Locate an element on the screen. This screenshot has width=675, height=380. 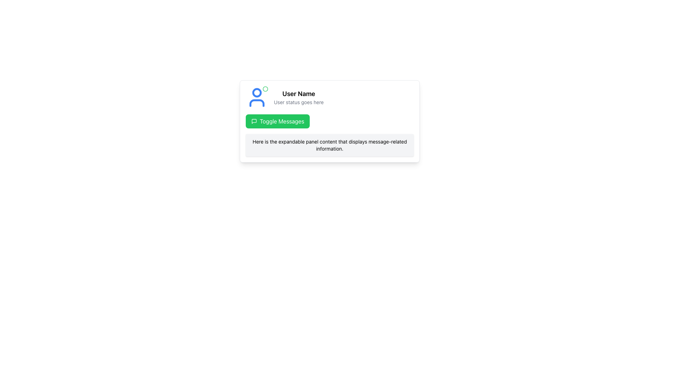
text displayed in the user details block, which shows the user's name and status information, located to the right of the profile icon and above the 'Toggle Messages' button is located at coordinates (298, 97).